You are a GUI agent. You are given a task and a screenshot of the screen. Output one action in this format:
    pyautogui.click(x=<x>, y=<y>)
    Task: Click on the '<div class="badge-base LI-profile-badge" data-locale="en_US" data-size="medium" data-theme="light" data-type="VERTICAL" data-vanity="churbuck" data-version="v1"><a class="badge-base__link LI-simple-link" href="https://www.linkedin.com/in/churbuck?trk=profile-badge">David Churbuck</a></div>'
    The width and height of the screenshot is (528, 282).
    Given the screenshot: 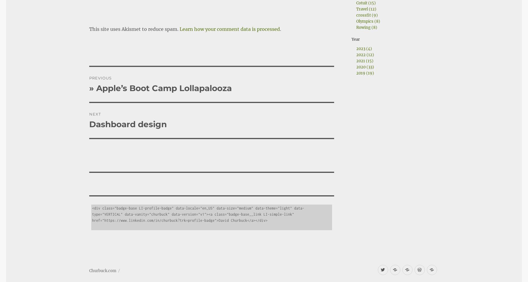 What is the action you would take?
    pyautogui.click(x=198, y=201)
    